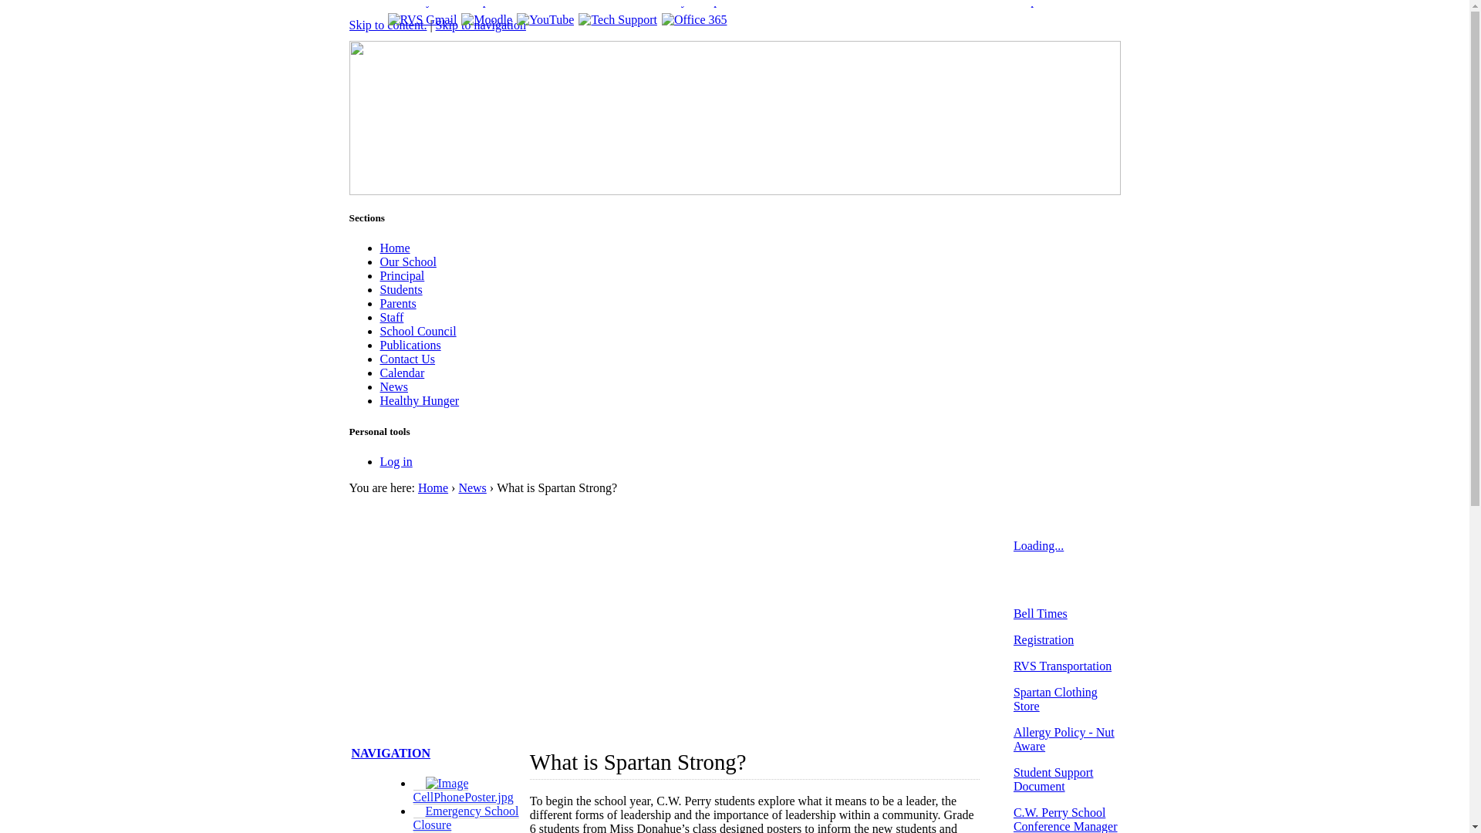 The width and height of the screenshot is (1481, 833). What do you see at coordinates (432, 487) in the screenshot?
I see `'Home'` at bounding box center [432, 487].